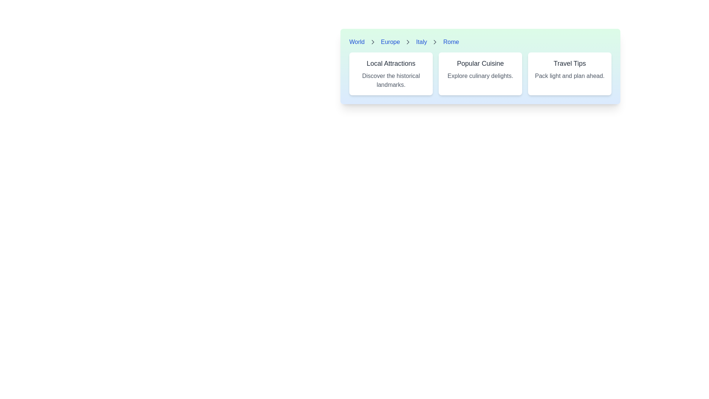 Image resolution: width=709 pixels, height=399 pixels. Describe the element at coordinates (391, 81) in the screenshot. I see `the informative text block located below the 'Local Attractions' heading in the white card with rounded corners` at that location.